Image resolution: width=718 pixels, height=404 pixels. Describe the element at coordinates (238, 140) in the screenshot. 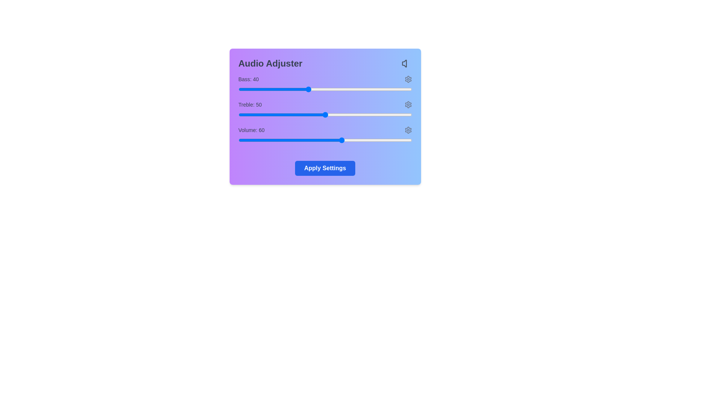

I see `volume level` at that location.